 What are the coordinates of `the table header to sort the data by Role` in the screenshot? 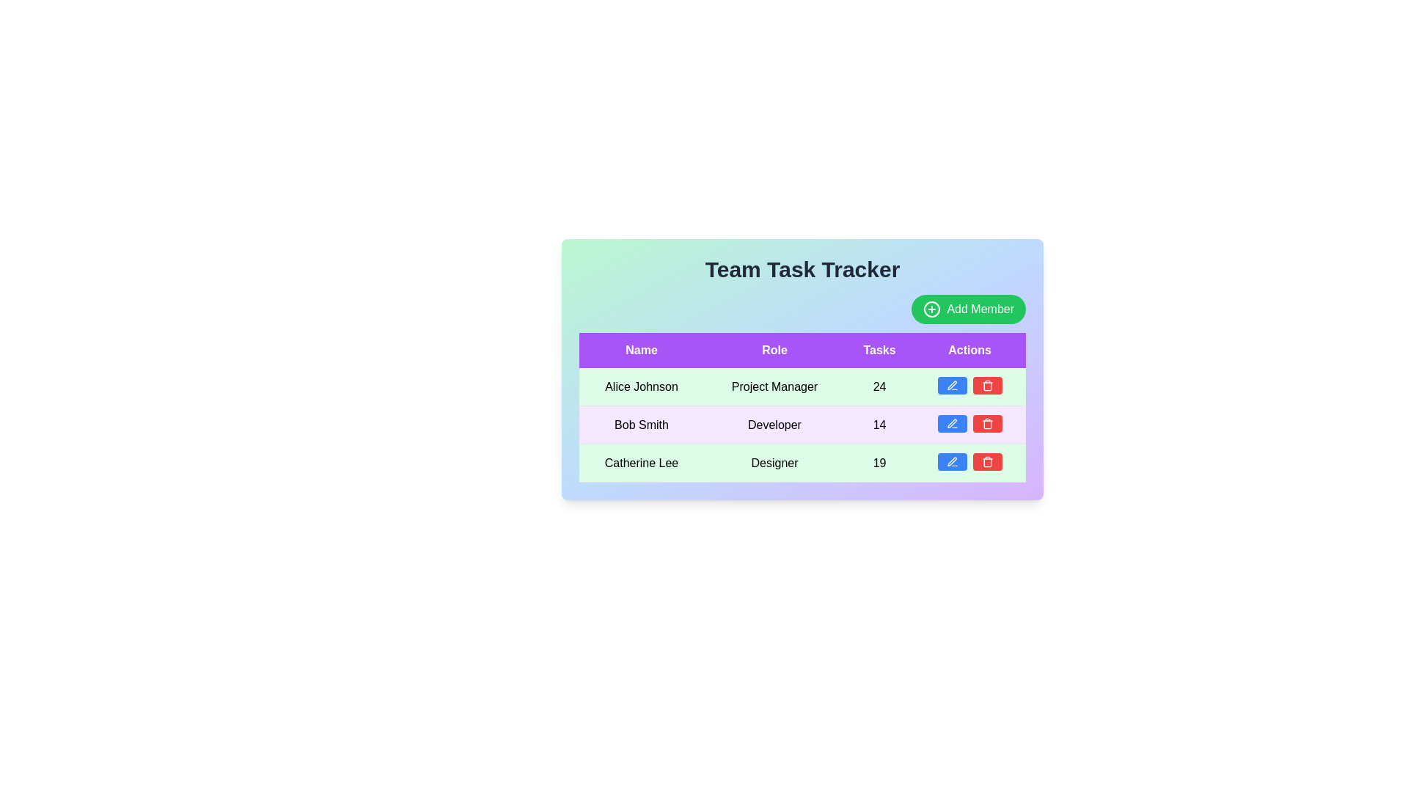 It's located at (774, 351).